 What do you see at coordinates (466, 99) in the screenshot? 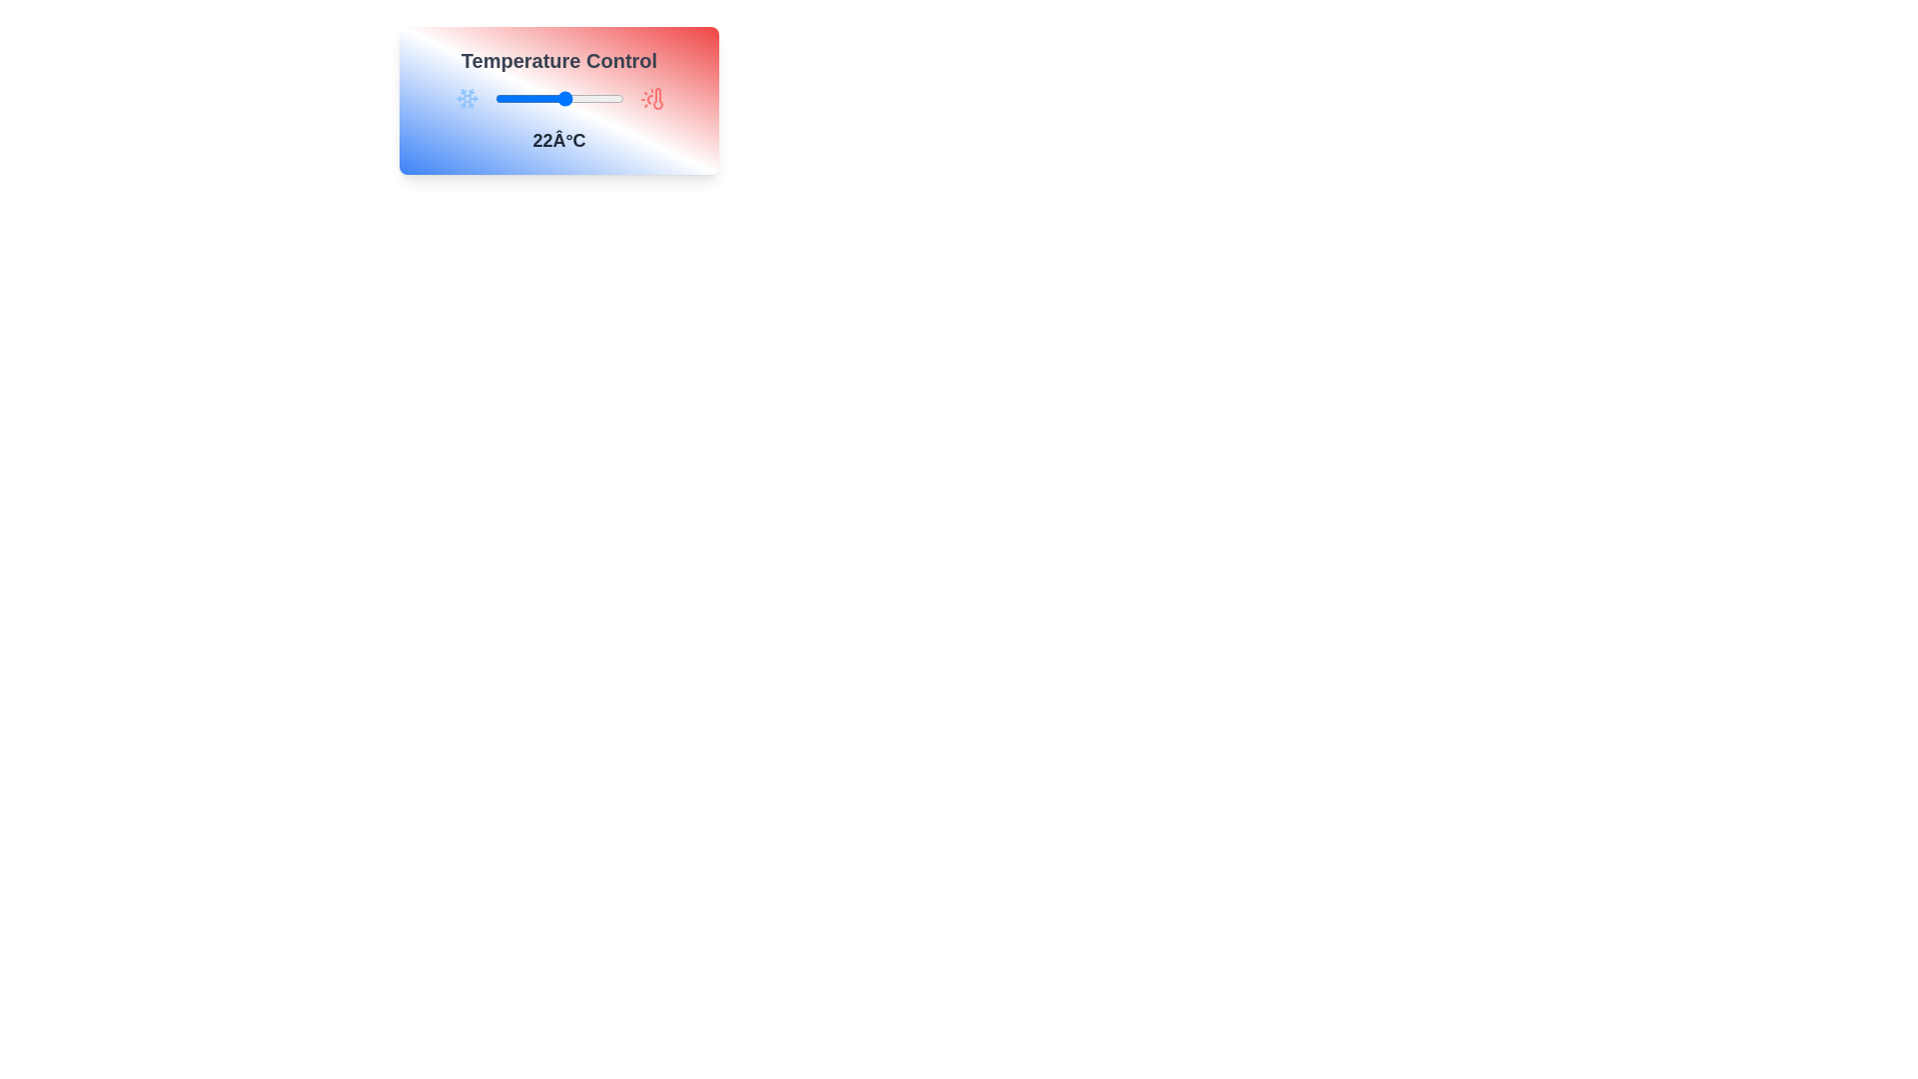
I see `the thermometer icon to the left of the slider` at bounding box center [466, 99].